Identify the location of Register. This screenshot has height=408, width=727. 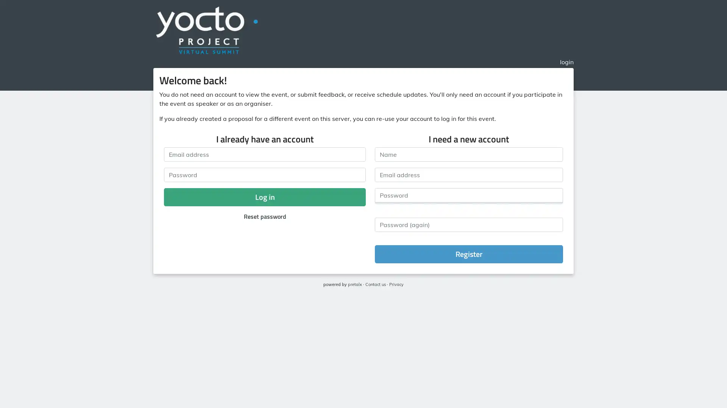
(468, 253).